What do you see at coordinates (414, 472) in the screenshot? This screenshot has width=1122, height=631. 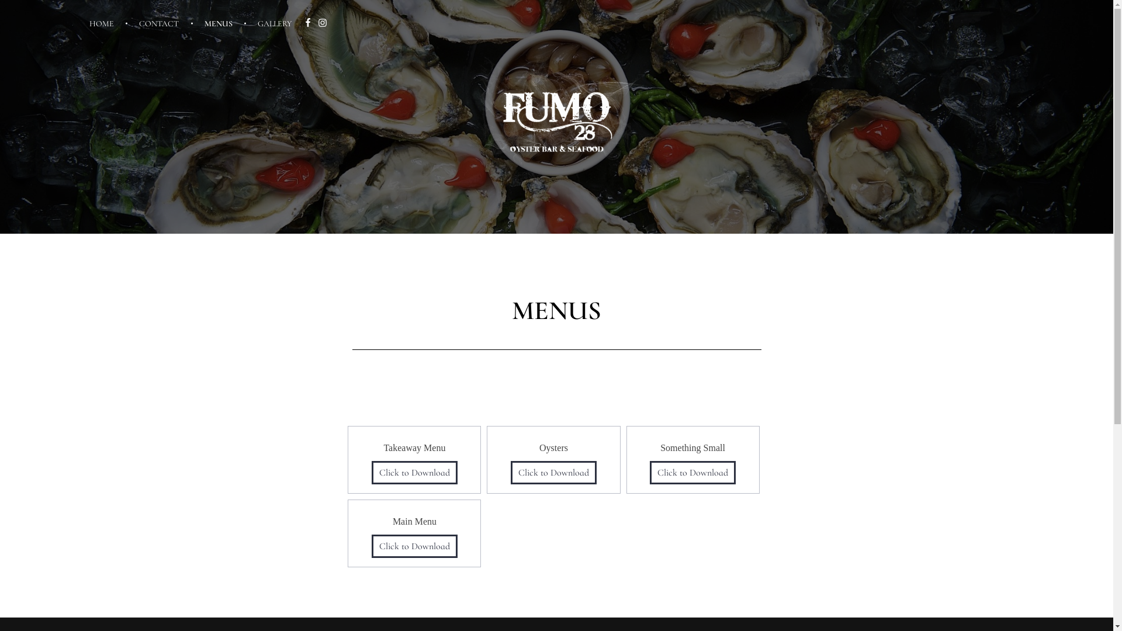 I see `'Click to Download'` at bounding box center [414, 472].